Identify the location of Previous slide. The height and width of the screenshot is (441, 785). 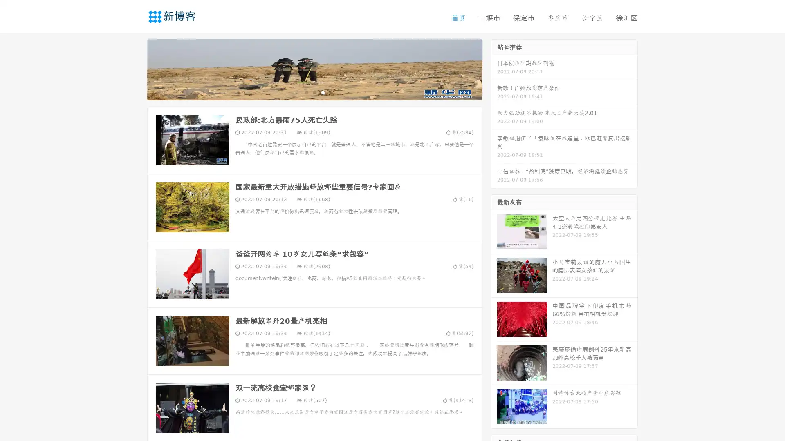
(135, 69).